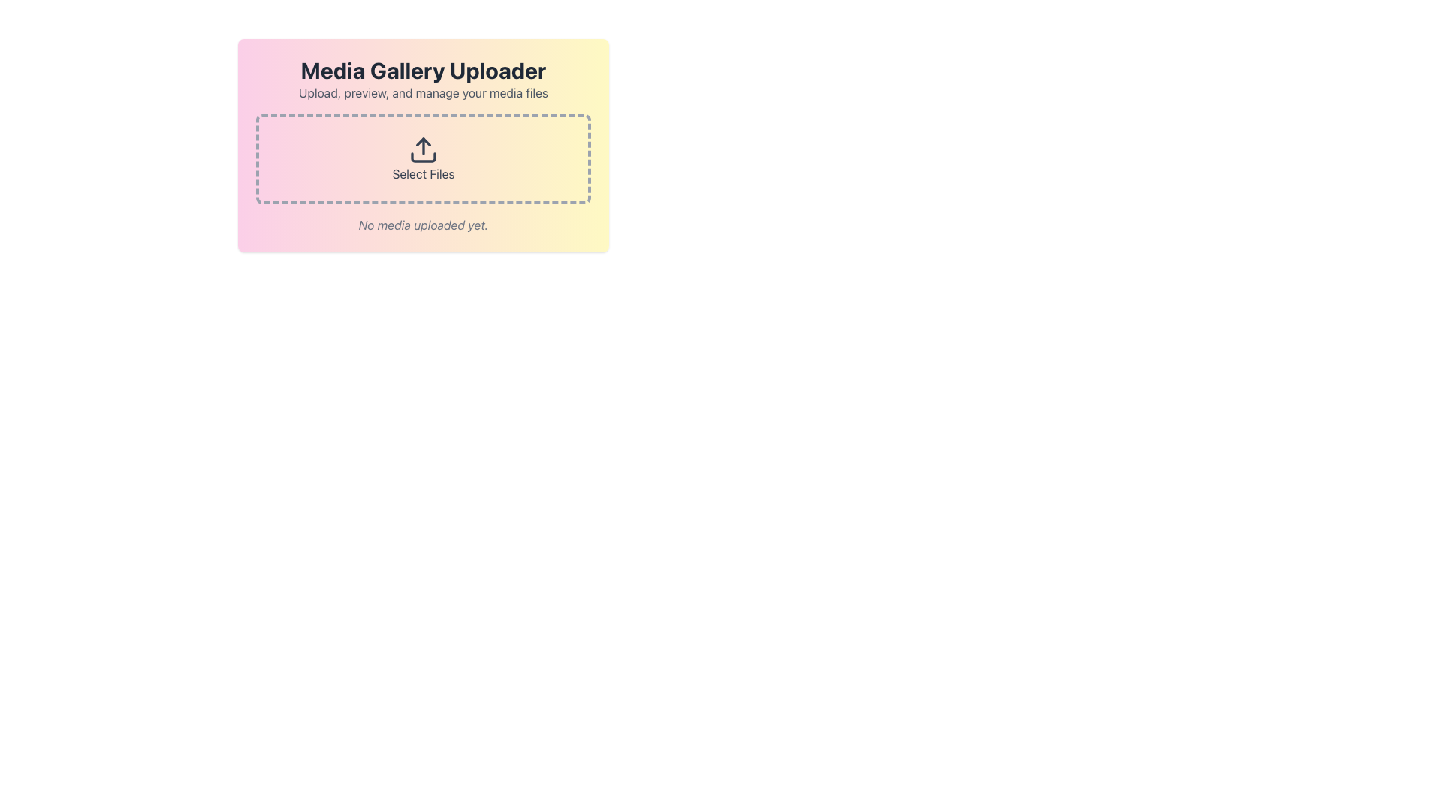  What do you see at coordinates (423, 79) in the screenshot?
I see `text from the Informative Header Section, which includes the heading 'Media Gallery Uploader' and the subtitle 'Upload, preview, and manage your media files.'` at bounding box center [423, 79].